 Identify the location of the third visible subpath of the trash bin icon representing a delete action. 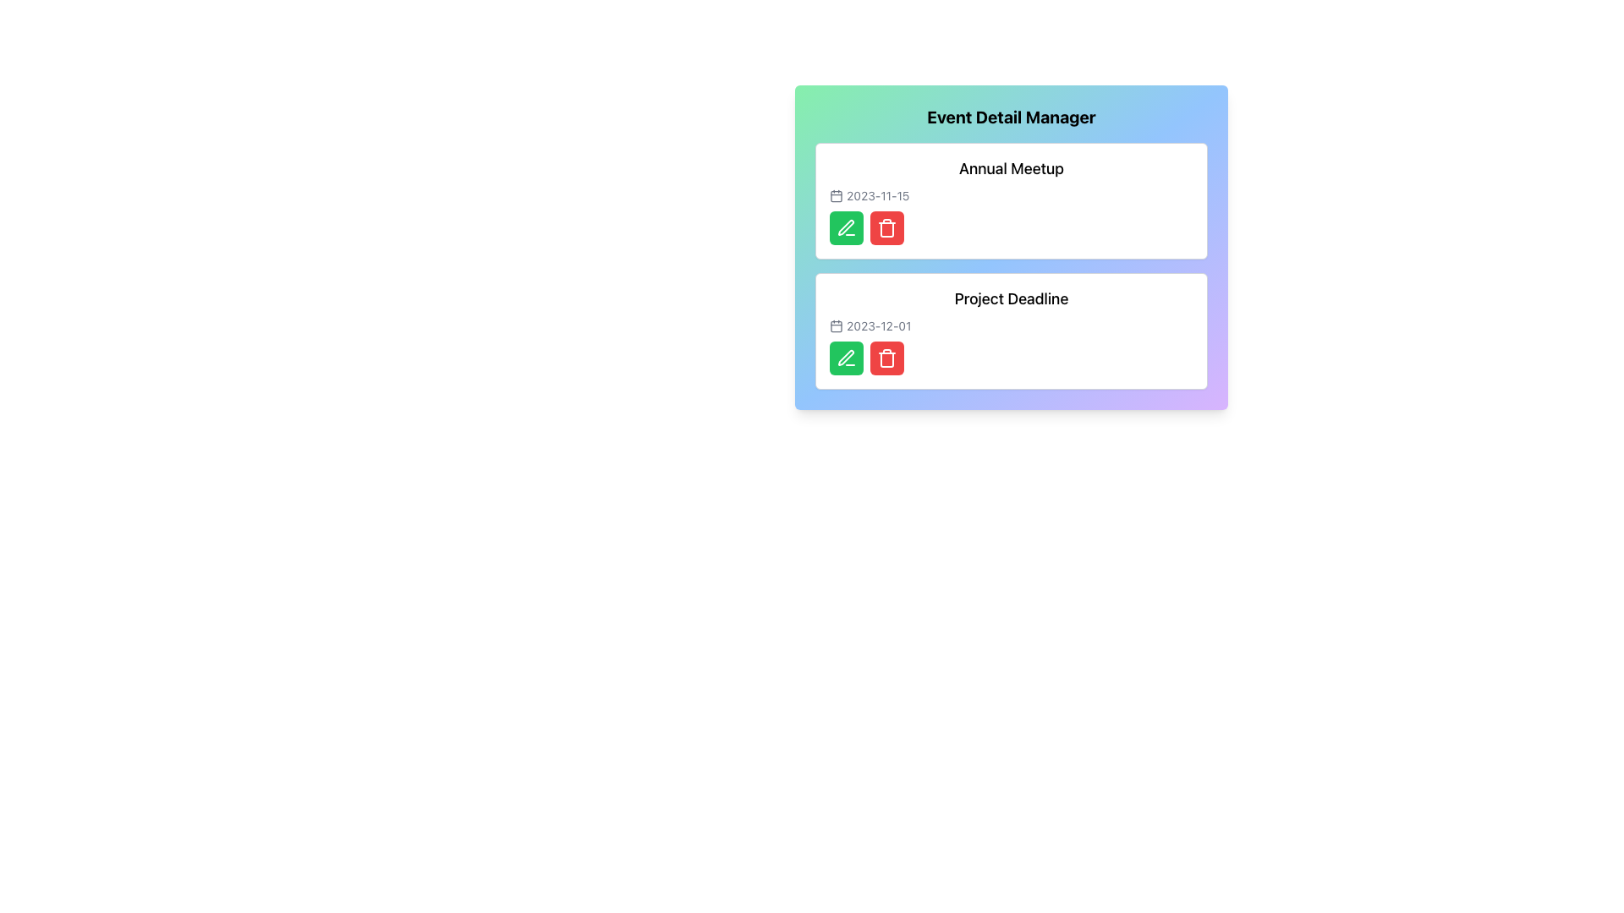
(886, 230).